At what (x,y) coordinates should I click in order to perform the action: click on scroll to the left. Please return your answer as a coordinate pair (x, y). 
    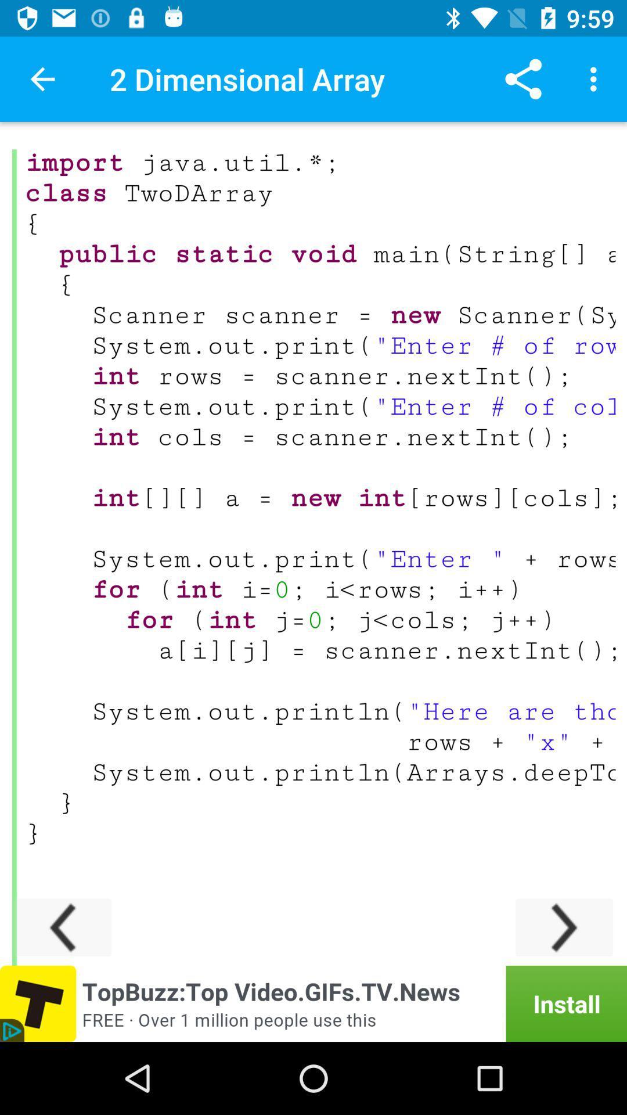
    Looking at the image, I should click on (63, 927).